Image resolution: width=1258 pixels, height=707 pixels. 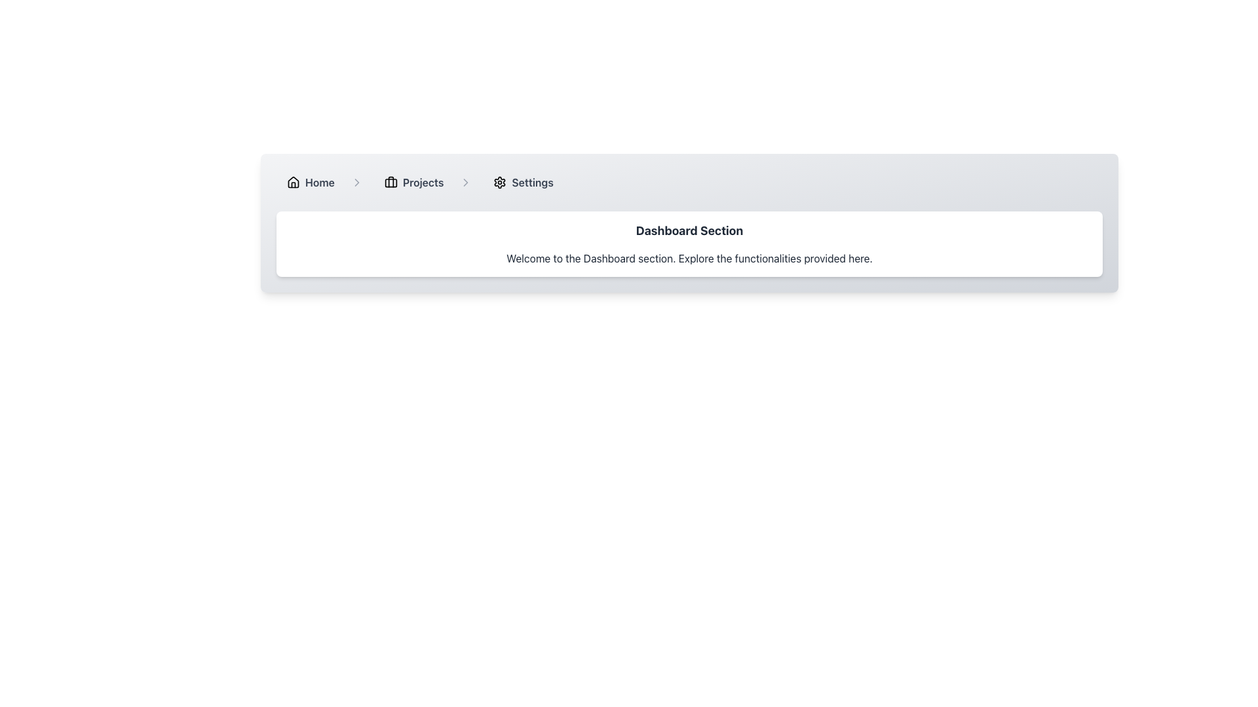 What do you see at coordinates (292, 182) in the screenshot?
I see `the 'Home' icon in the breadcrumb navigation bar, which is a small house-shaped icon located at the top-left of the interface` at bounding box center [292, 182].